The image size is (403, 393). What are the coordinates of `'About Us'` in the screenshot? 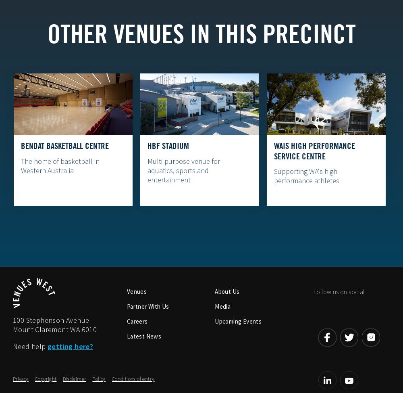 It's located at (226, 291).